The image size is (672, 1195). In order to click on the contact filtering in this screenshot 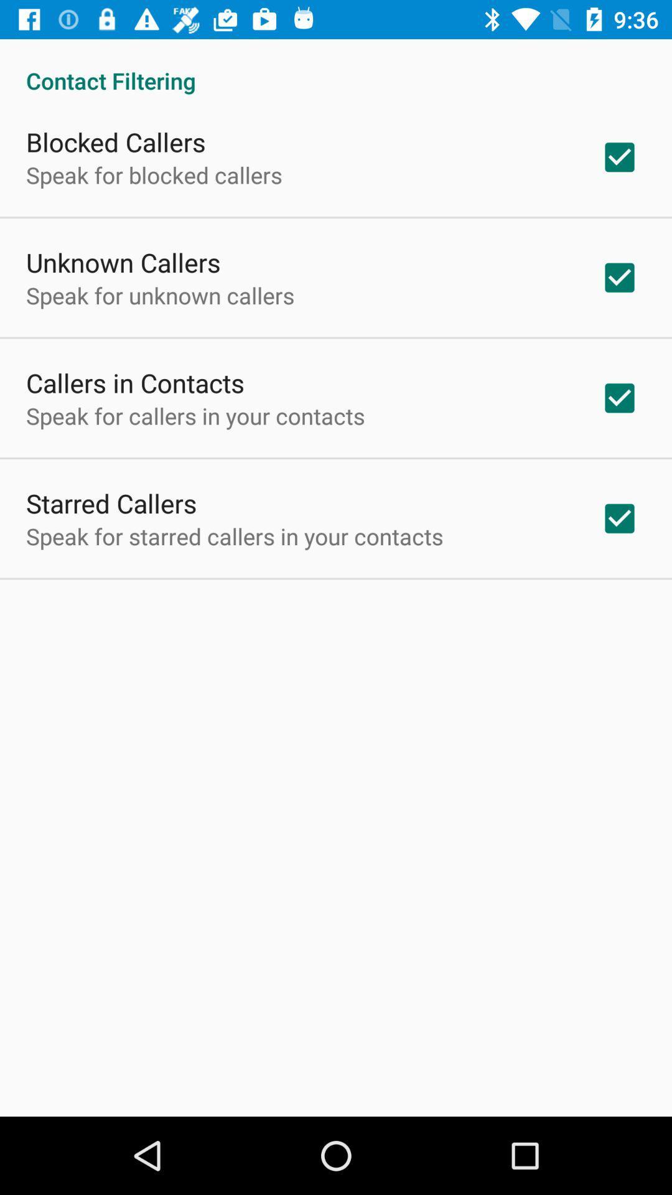, I will do `click(336, 67)`.